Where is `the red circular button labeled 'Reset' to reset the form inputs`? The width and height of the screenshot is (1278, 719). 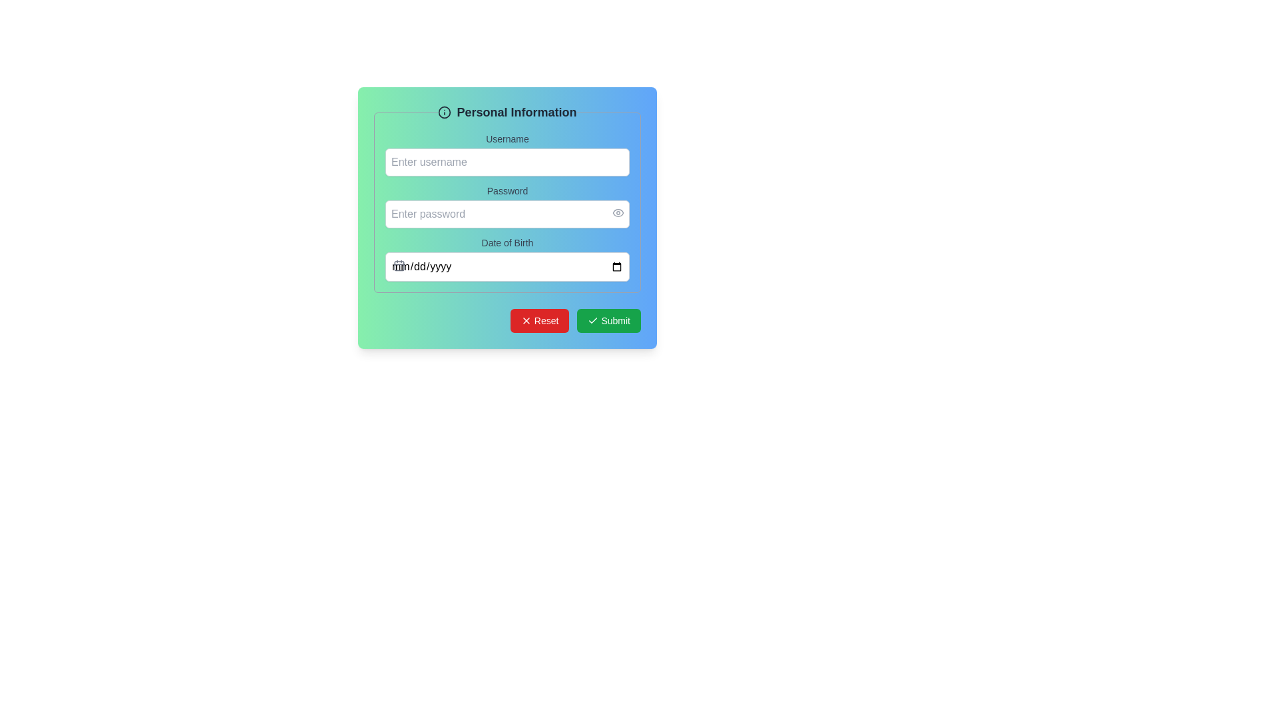 the red circular button labeled 'Reset' to reset the form inputs is located at coordinates (546, 321).